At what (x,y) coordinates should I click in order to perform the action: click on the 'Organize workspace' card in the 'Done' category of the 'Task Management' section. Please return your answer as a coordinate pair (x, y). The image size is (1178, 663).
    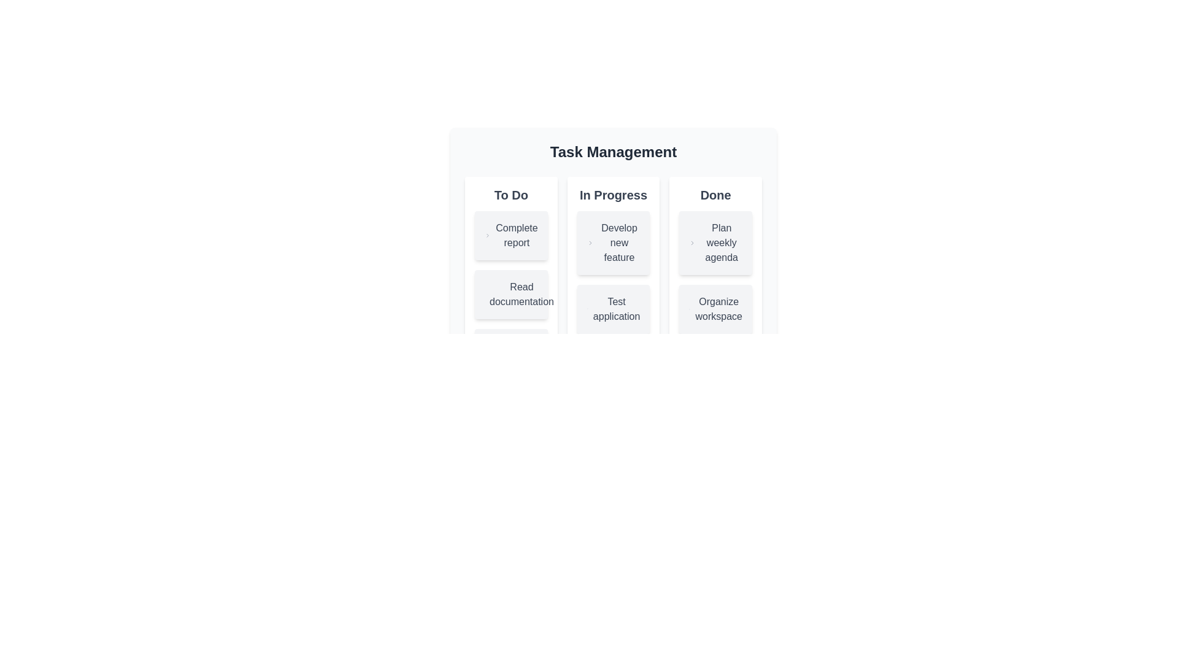
    Looking at the image, I should click on (715, 309).